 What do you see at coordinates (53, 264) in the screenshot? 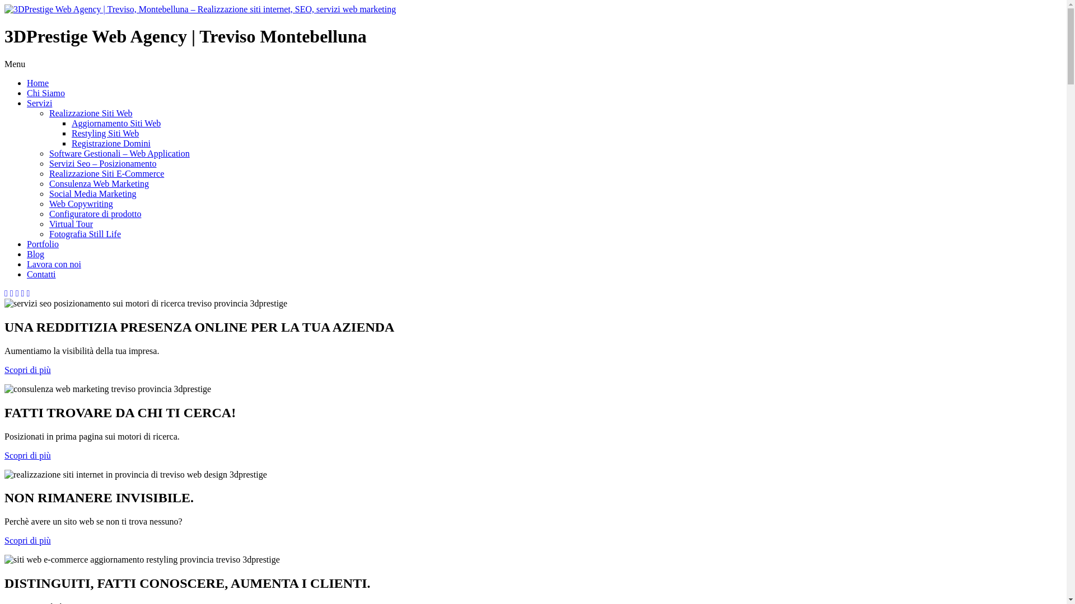
I see `'Lavora con noi'` at bounding box center [53, 264].